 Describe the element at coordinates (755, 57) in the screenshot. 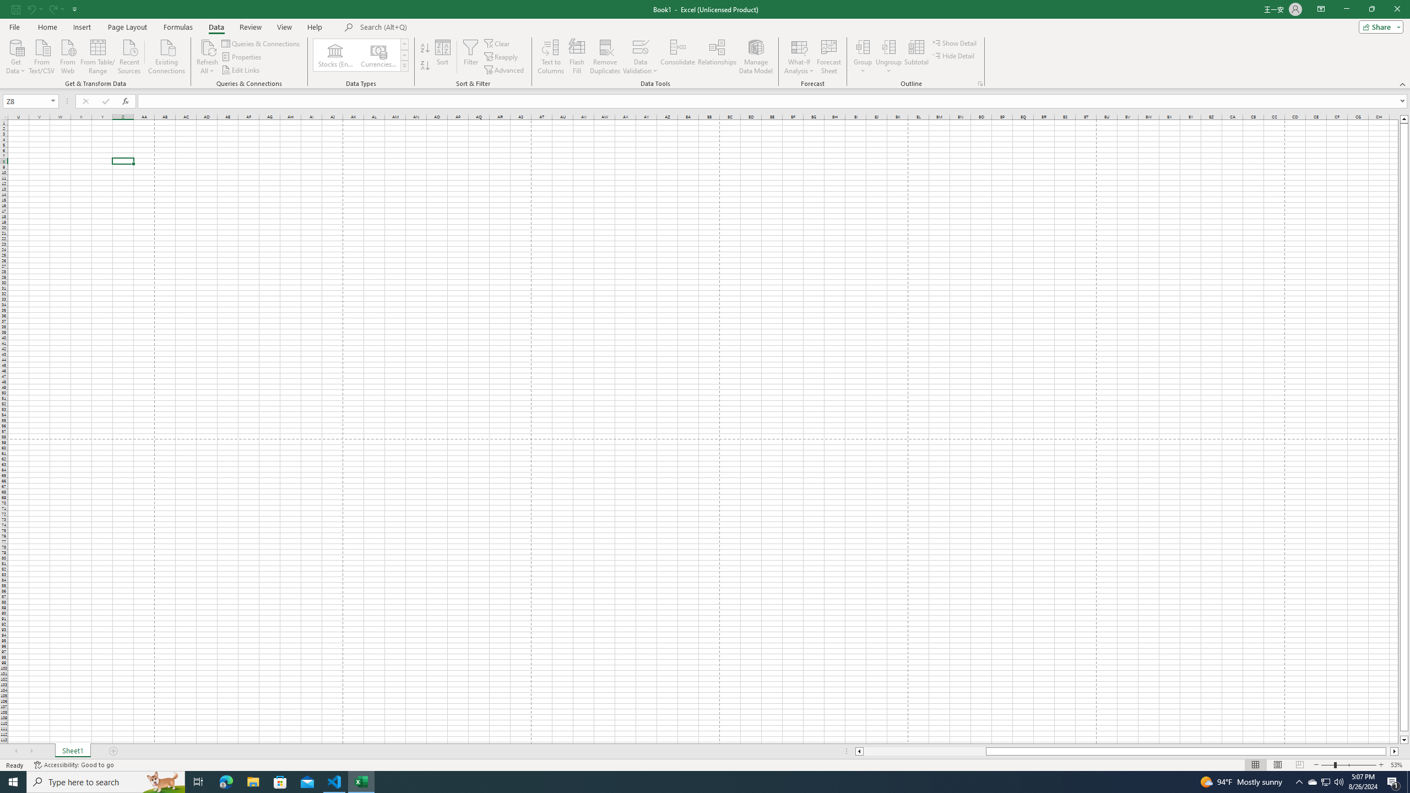

I see `'Manage Data Model'` at that location.